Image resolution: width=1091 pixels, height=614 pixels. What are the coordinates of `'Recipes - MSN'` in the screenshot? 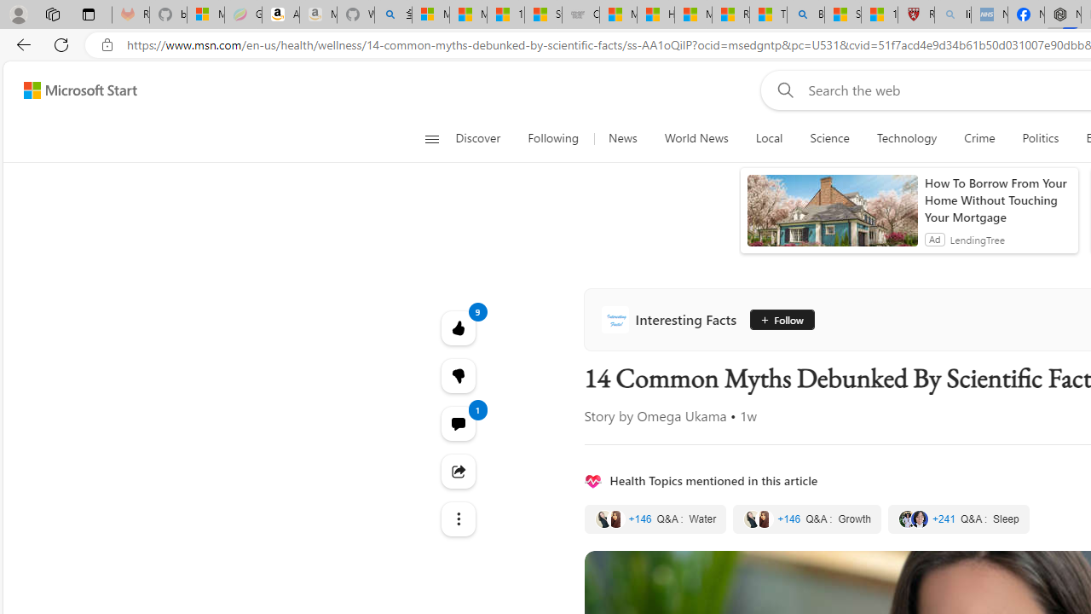 It's located at (730, 14).